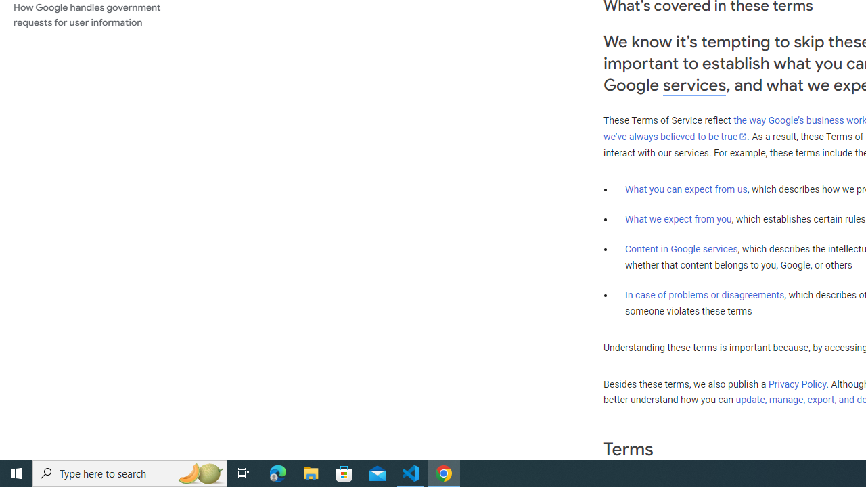  I want to click on 'Content in Google services', so click(681, 249).